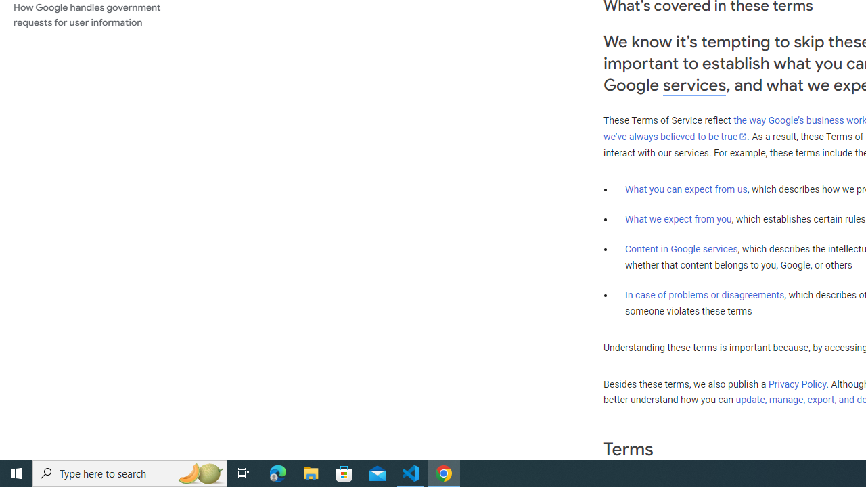  I want to click on 'Content in Google services', so click(681, 249).